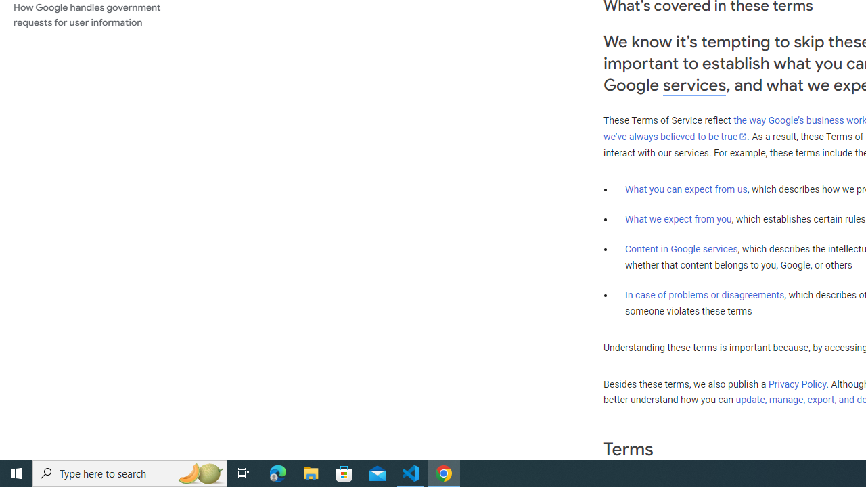  I want to click on 'Content in Google services', so click(681, 249).